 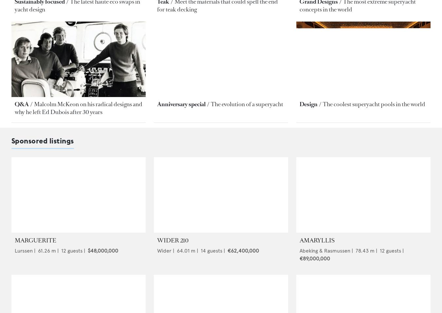 I want to click on 'AMARYLLIS', so click(x=317, y=240).